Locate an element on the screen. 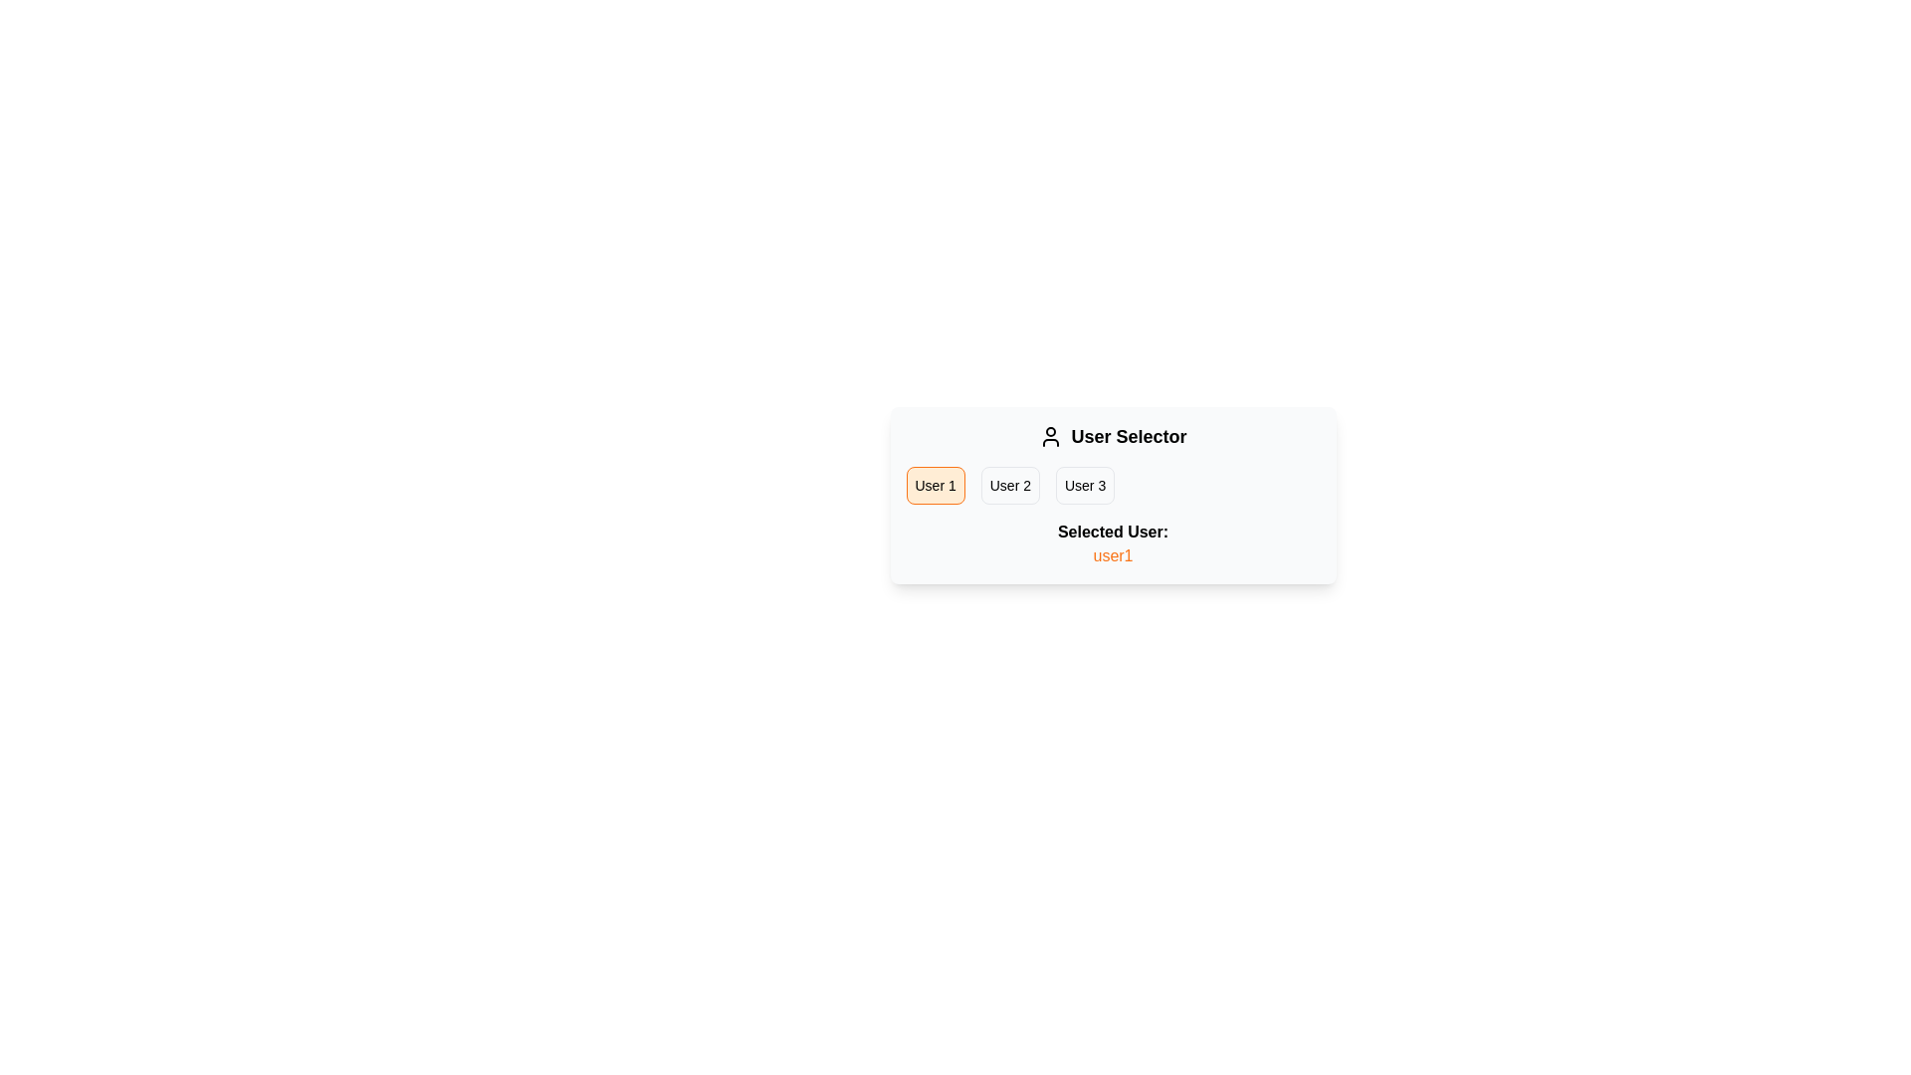 The image size is (1911, 1075). the button that allows users to select 'User 3' for keyboard navigation is located at coordinates (1084, 486).